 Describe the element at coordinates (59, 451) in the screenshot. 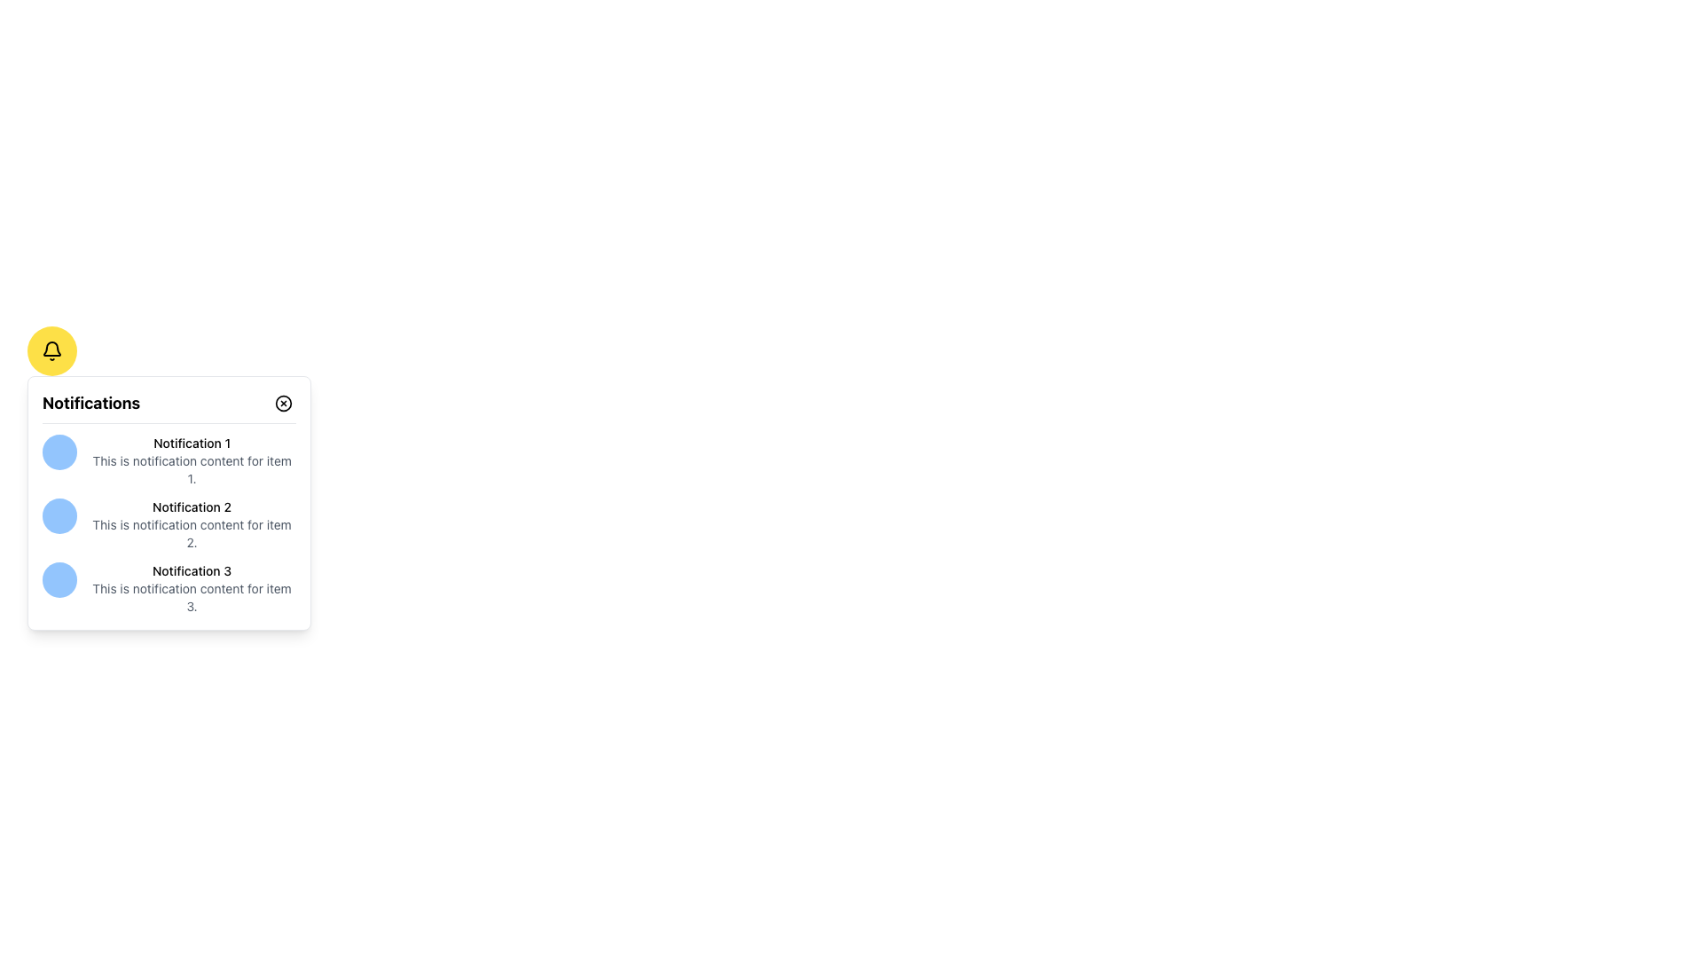

I see `the first circle decorative indicator located to the left of the 'Notification 1' text in the notification dropdown` at that location.